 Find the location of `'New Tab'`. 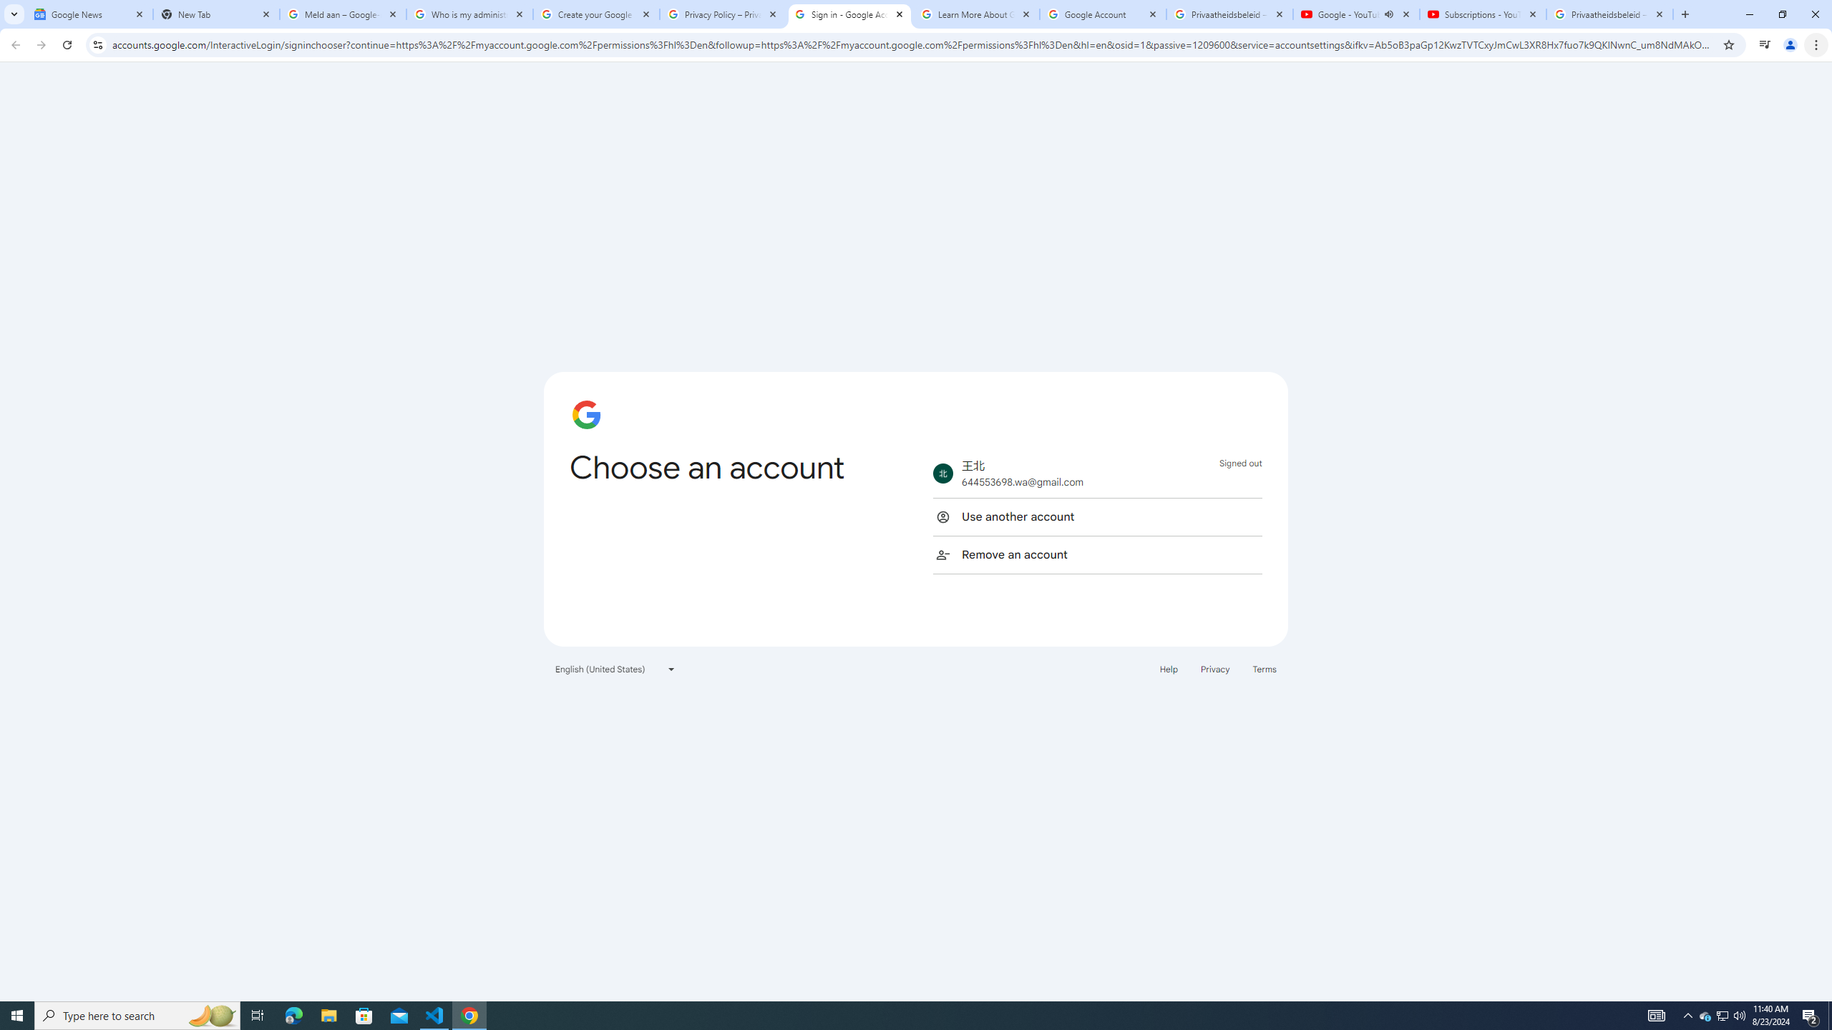

'New Tab' is located at coordinates (215, 14).